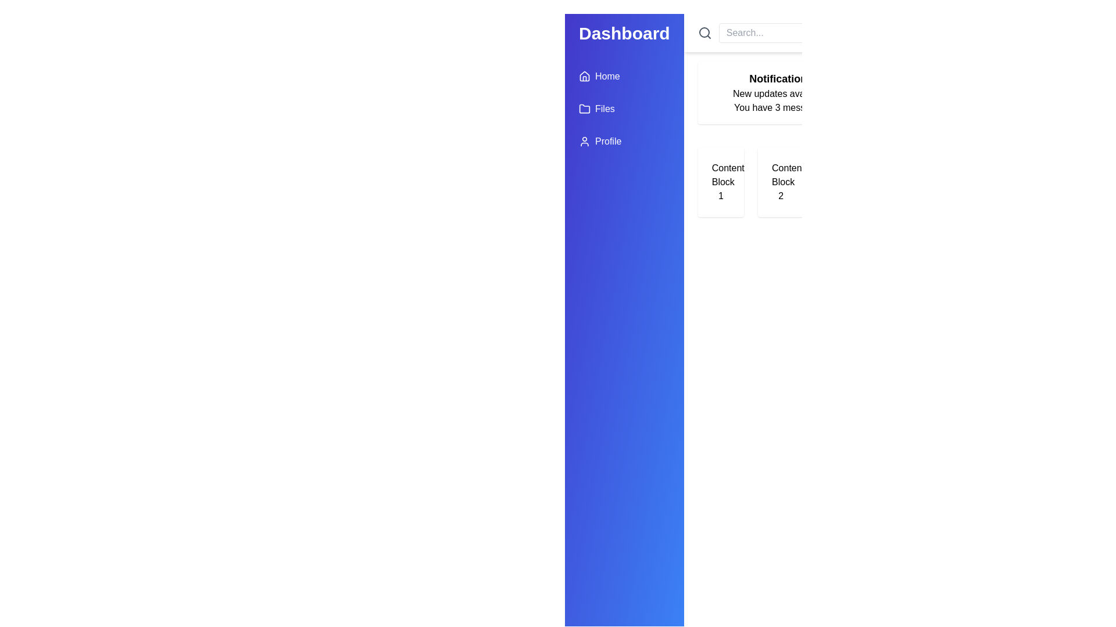 This screenshot has width=1116, height=627. Describe the element at coordinates (596, 109) in the screenshot. I see `the 'Files' button with a folder icon in the left vertical navigation panel` at that location.